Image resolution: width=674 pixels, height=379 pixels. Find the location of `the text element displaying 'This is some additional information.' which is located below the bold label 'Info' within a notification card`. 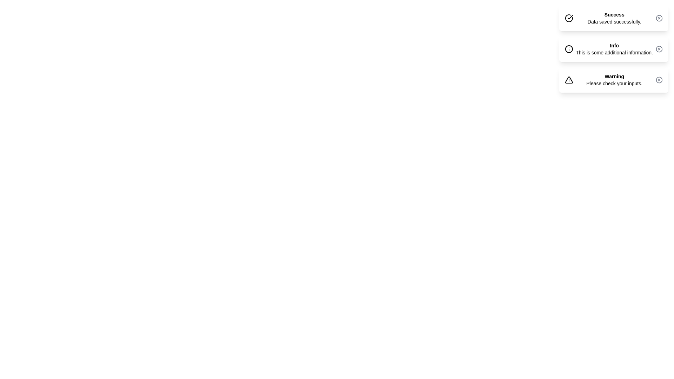

the text element displaying 'This is some additional information.' which is located below the bold label 'Info' within a notification card is located at coordinates (614, 52).